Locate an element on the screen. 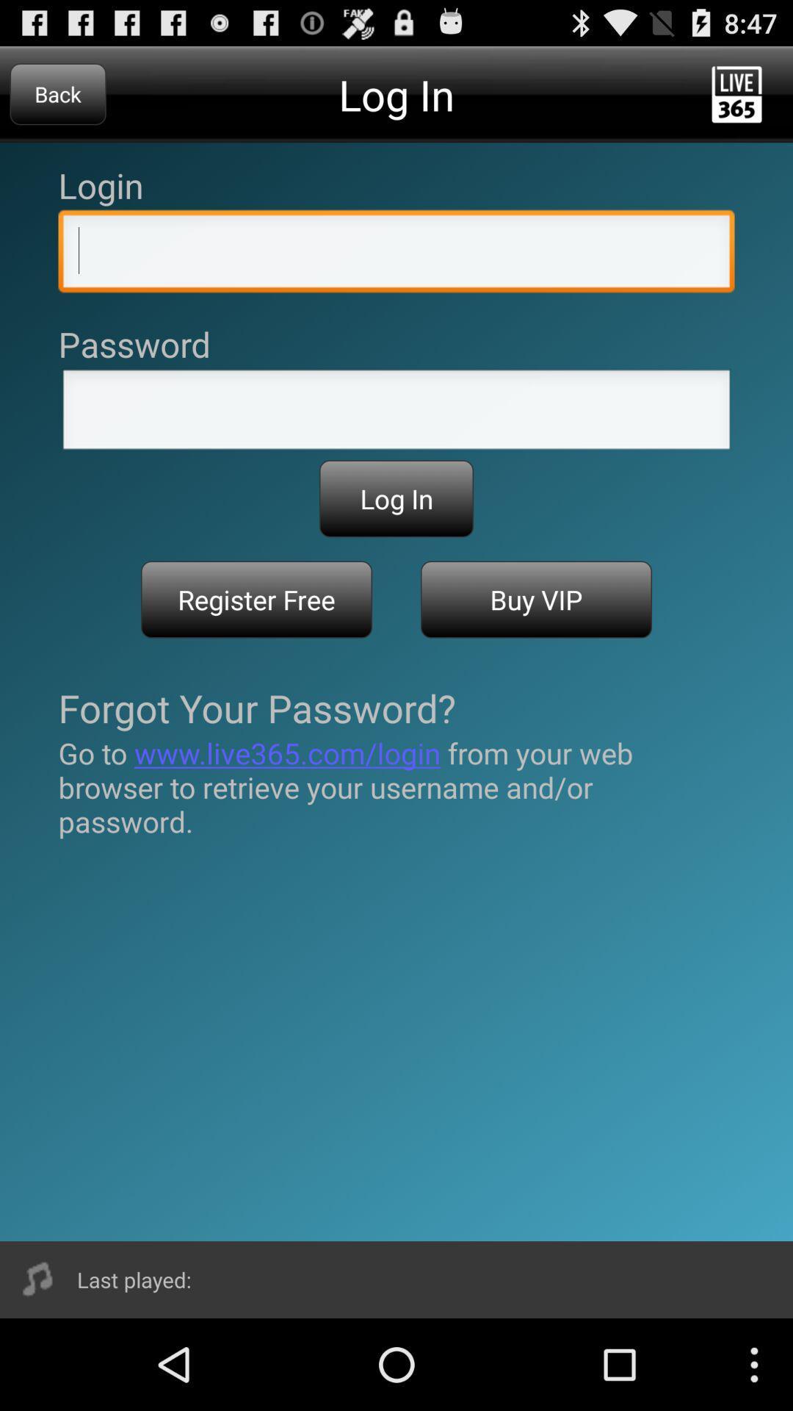  item above the forgot your password? item is located at coordinates (256, 600).